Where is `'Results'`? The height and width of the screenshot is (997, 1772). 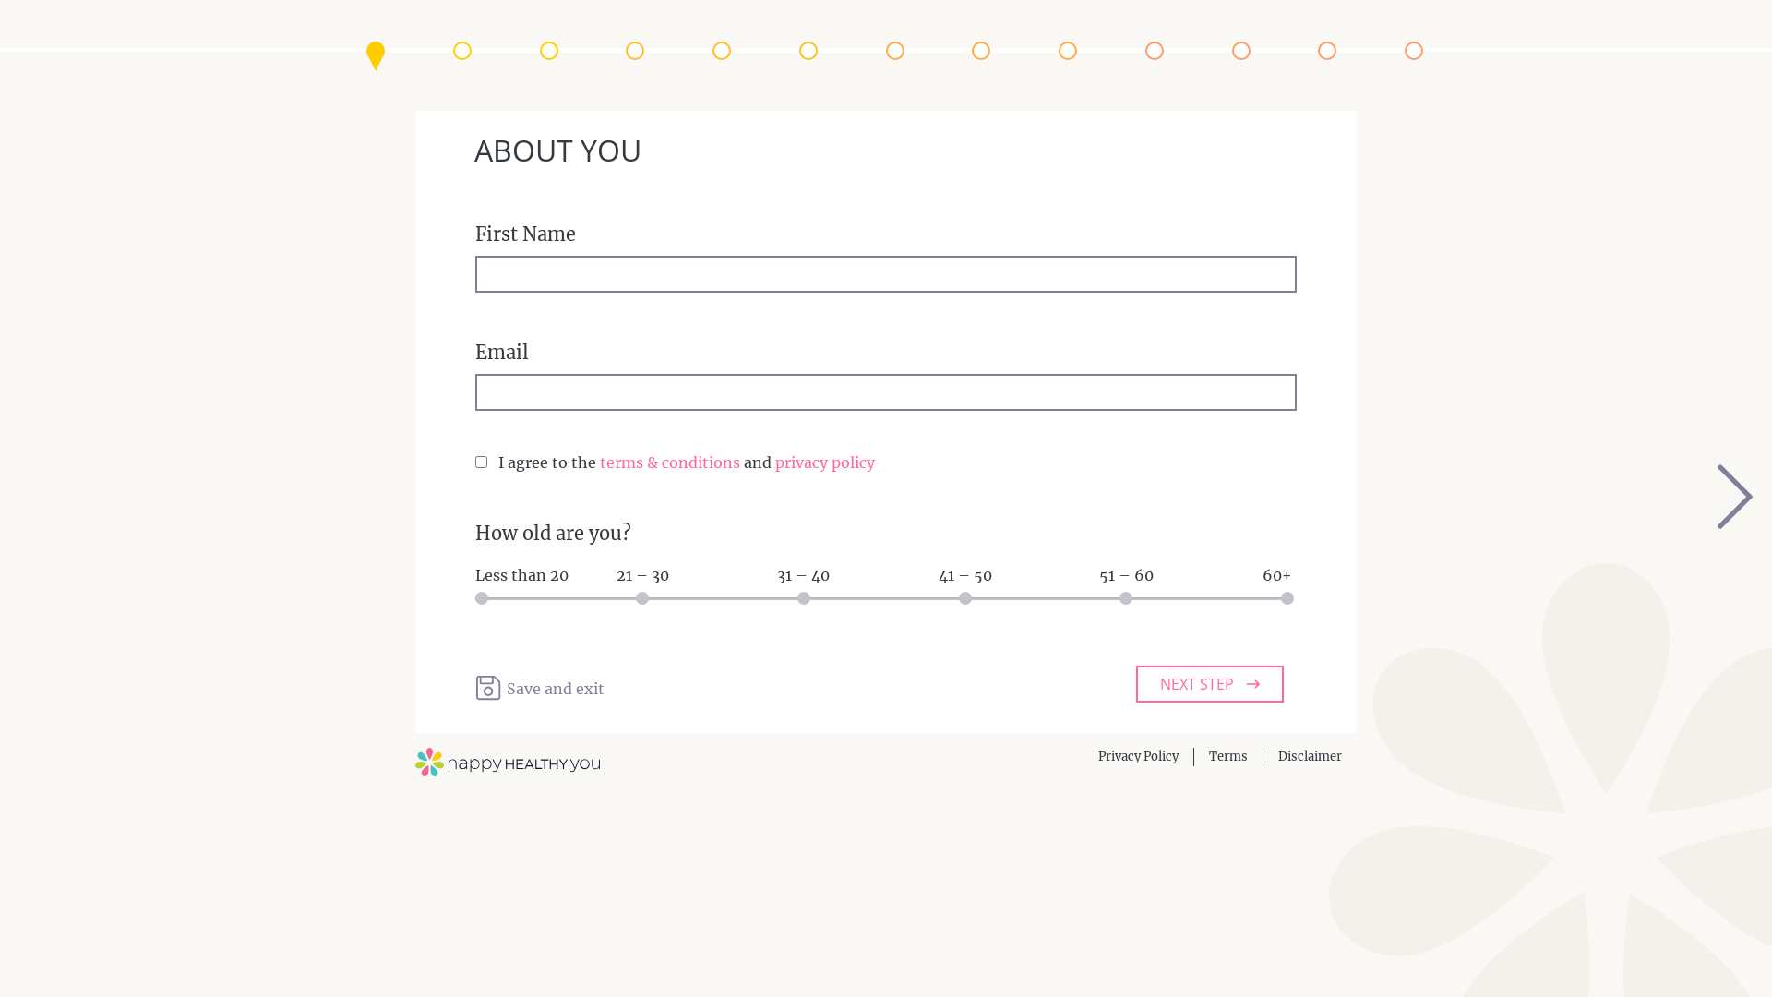
'Results' is located at coordinates (1403, 49).